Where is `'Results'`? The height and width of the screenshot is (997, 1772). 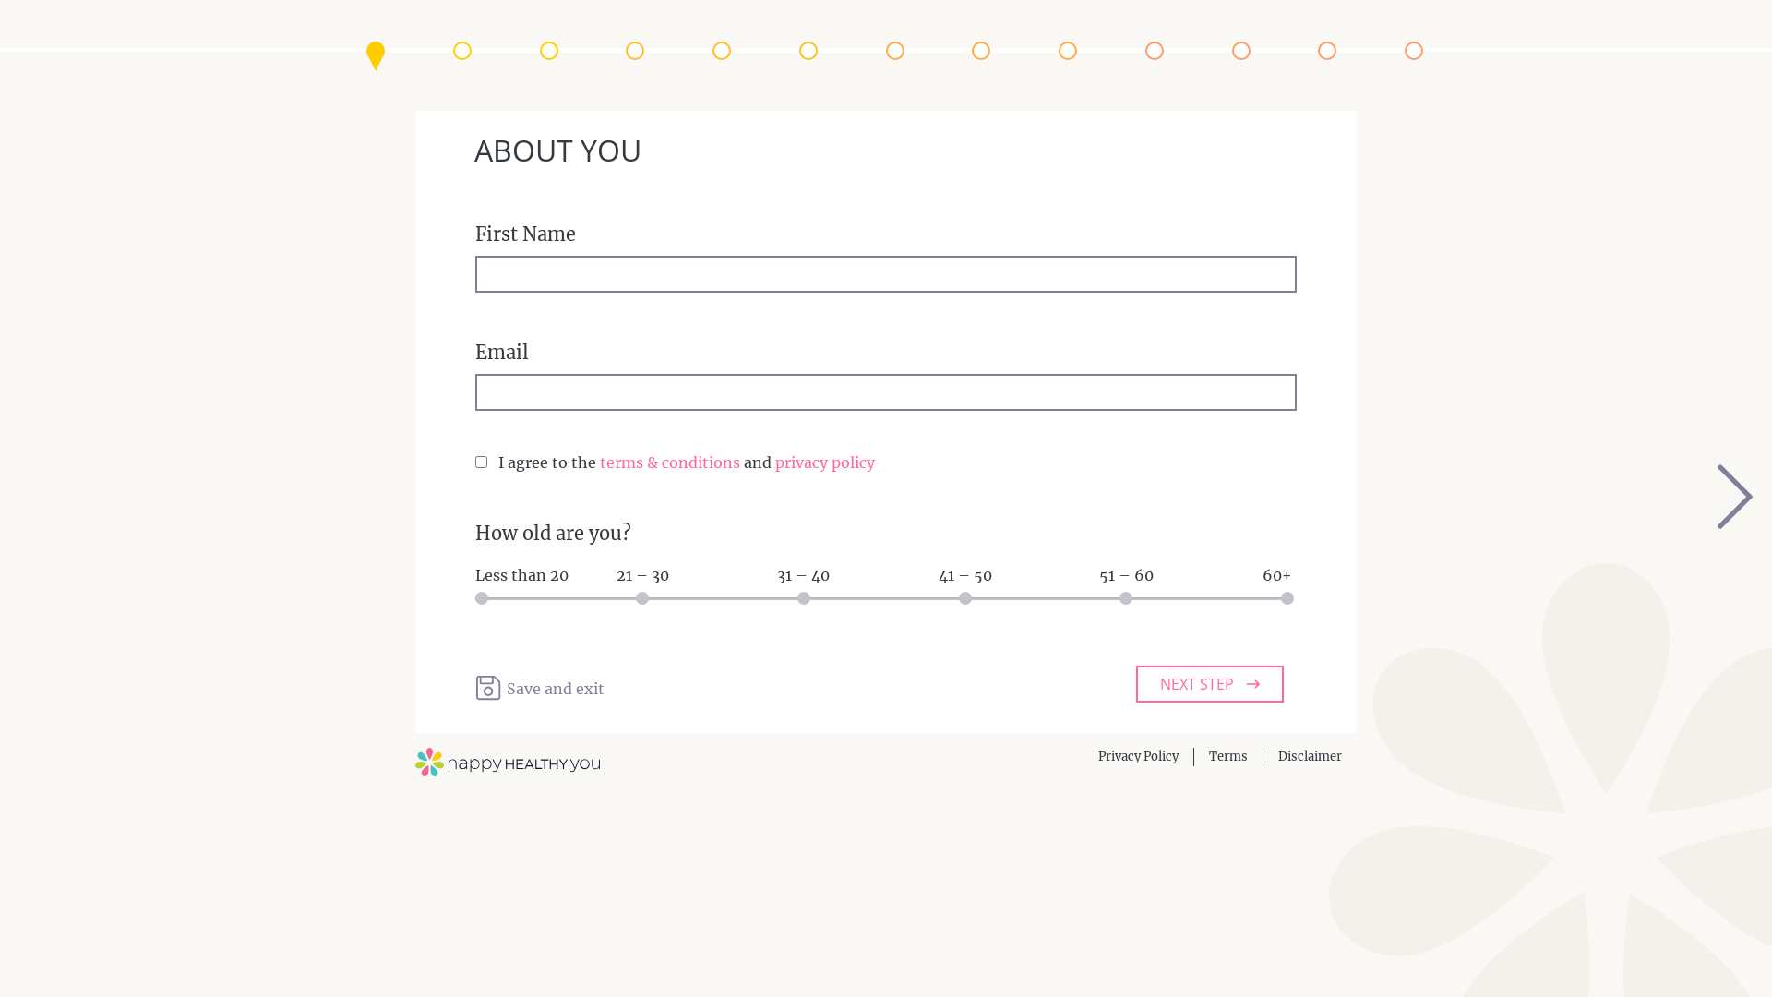
'Results' is located at coordinates (1403, 49).